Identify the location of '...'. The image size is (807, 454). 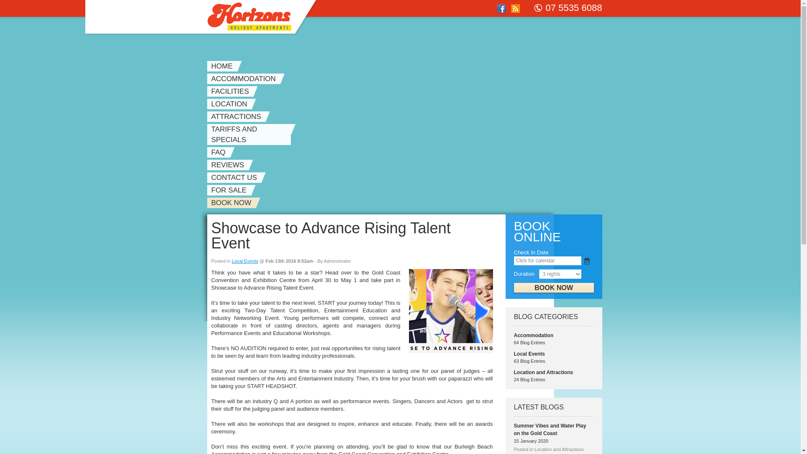
(586, 261).